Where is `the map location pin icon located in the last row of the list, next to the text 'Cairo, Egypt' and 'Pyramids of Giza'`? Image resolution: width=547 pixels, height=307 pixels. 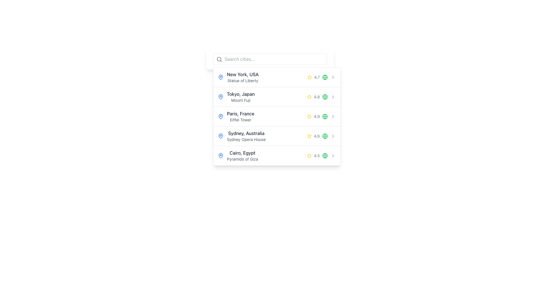 the map location pin icon located in the last row of the list, next to the text 'Cairo, Egypt' and 'Pyramids of Giza' is located at coordinates (220, 155).